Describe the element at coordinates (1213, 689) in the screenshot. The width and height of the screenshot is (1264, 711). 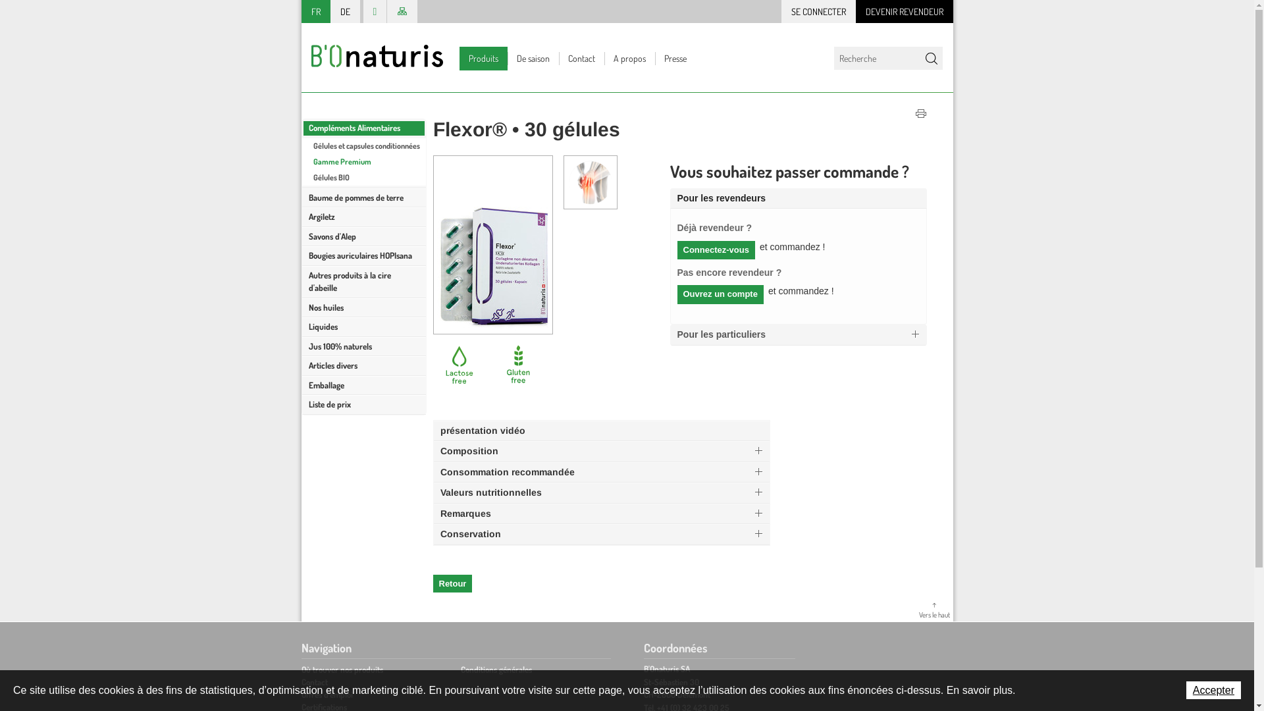
I see `'Accepter'` at that location.